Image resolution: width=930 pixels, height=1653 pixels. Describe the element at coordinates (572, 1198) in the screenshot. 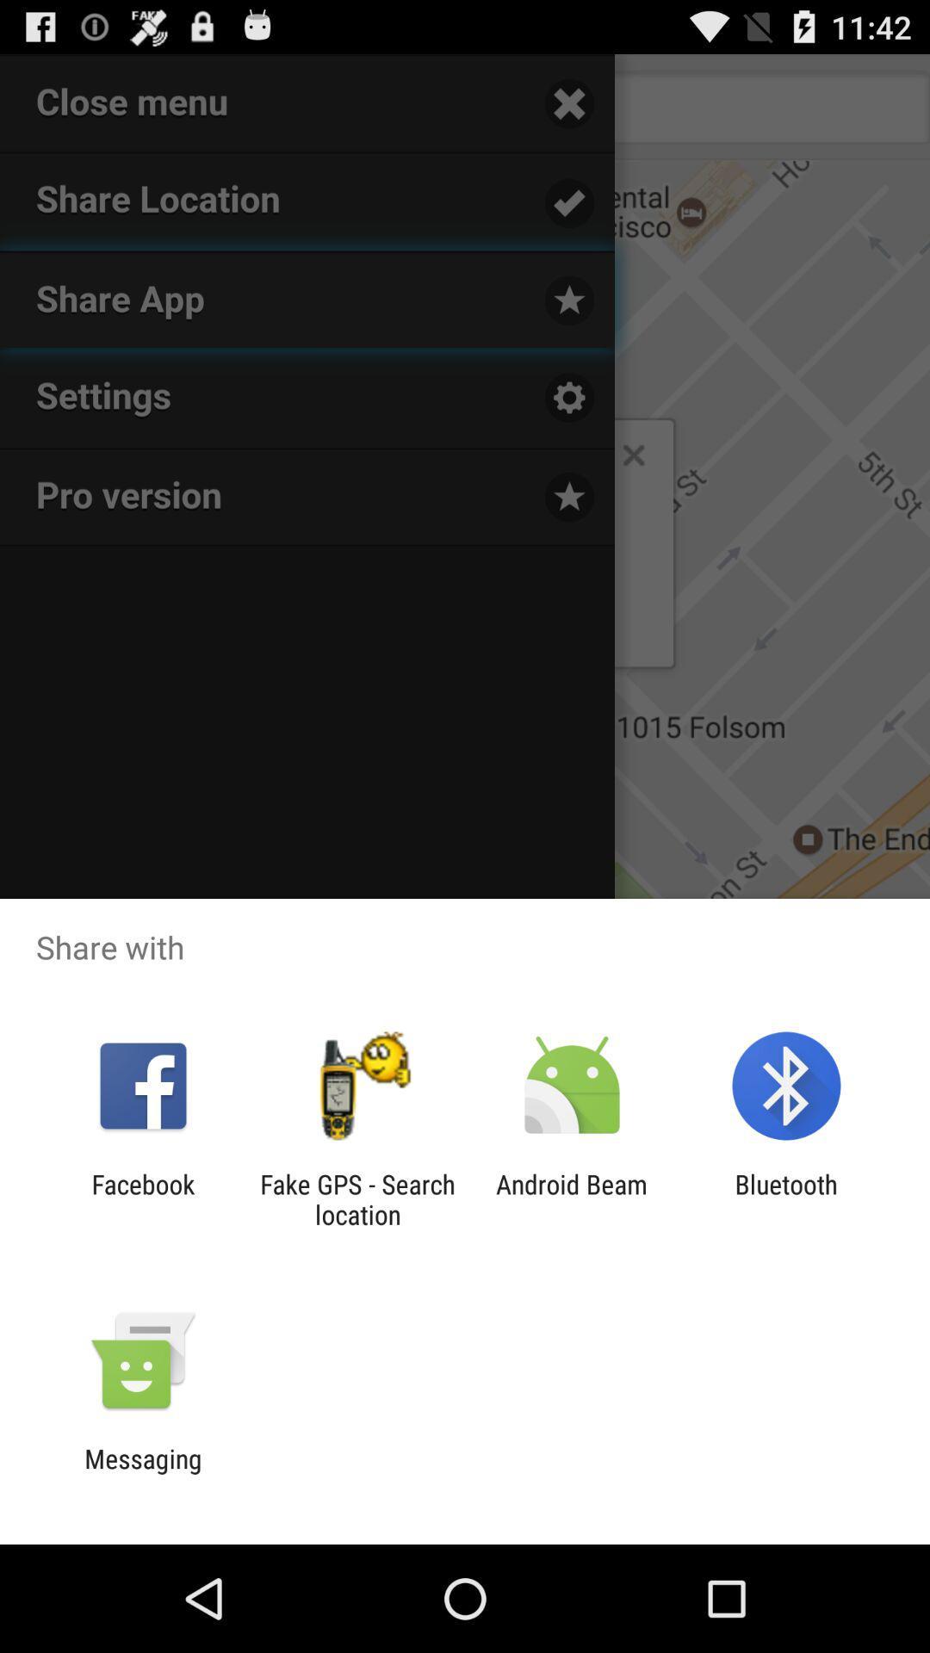

I see `item next to the bluetooth` at that location.